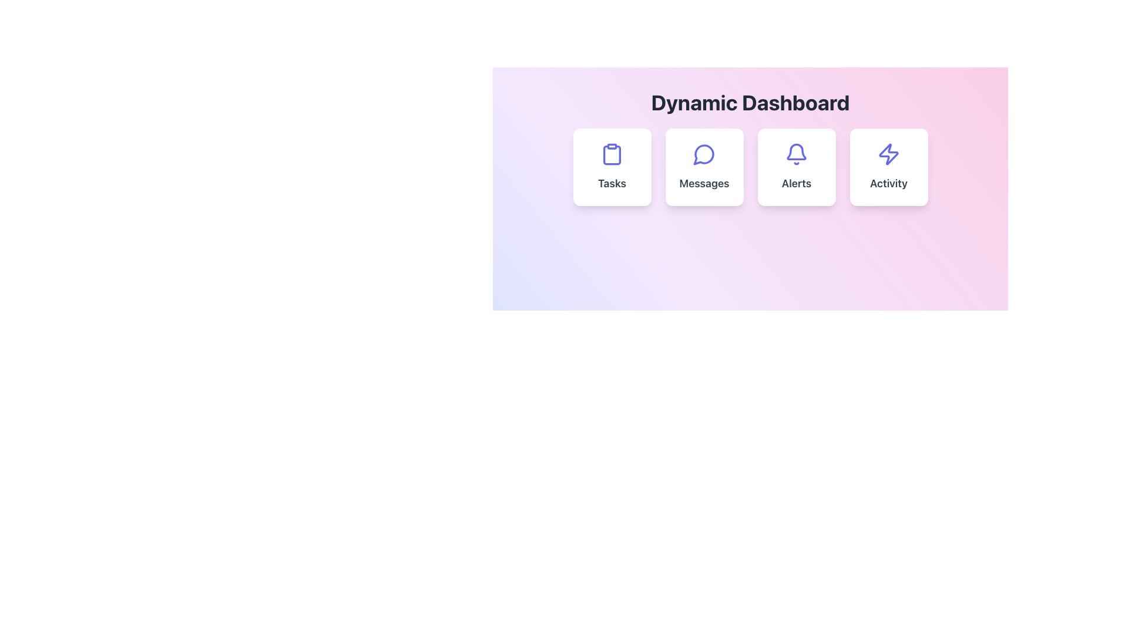 The height and width of the screenshot is (634, 1128). I want to click on the 'Tasks' text label located at the bottom of the first card in a horizontal row, beneath the clipboard icon, so click(611, 183).